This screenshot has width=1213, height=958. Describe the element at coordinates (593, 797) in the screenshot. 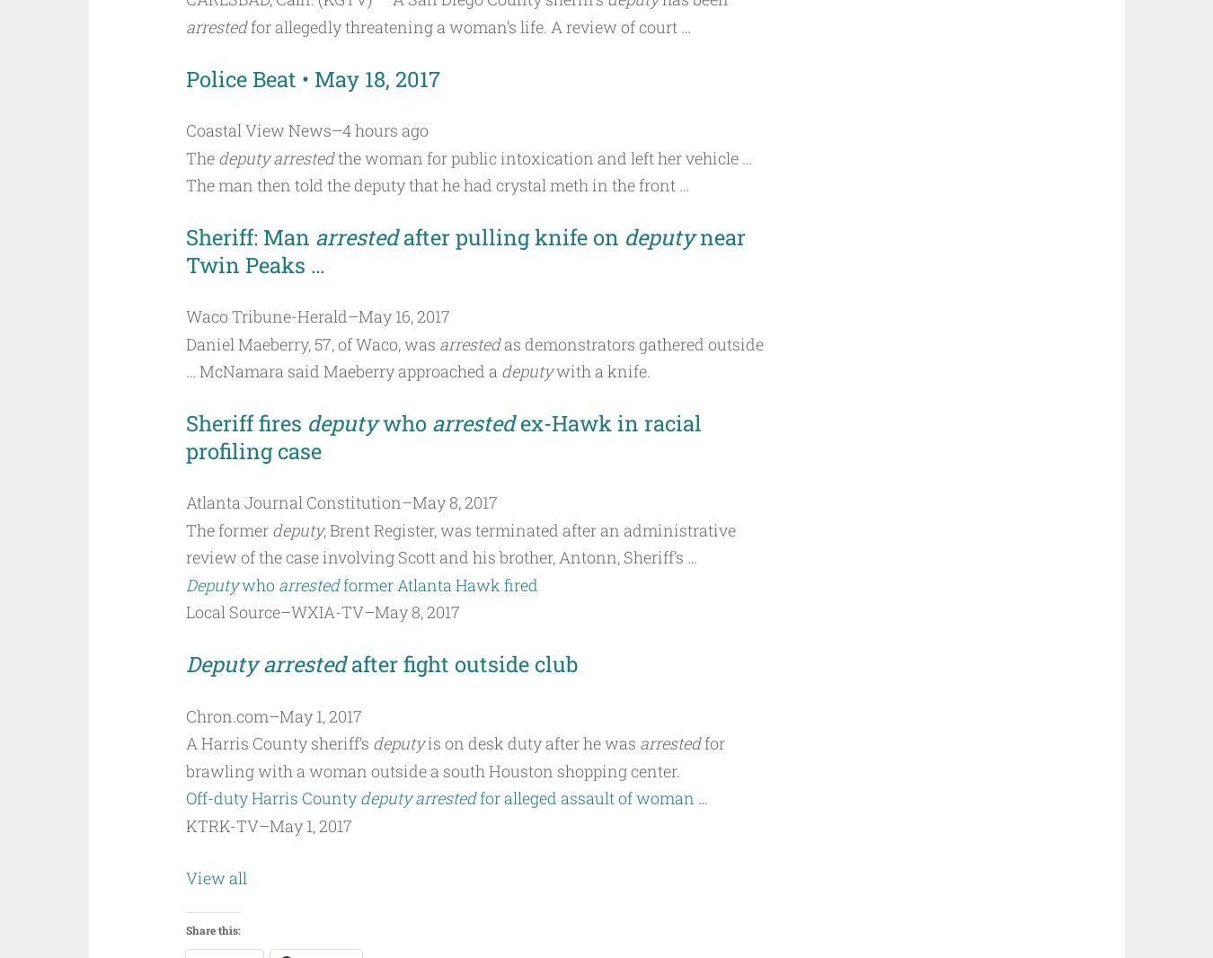

I see `'for alleged assault of woman …'` at that location.